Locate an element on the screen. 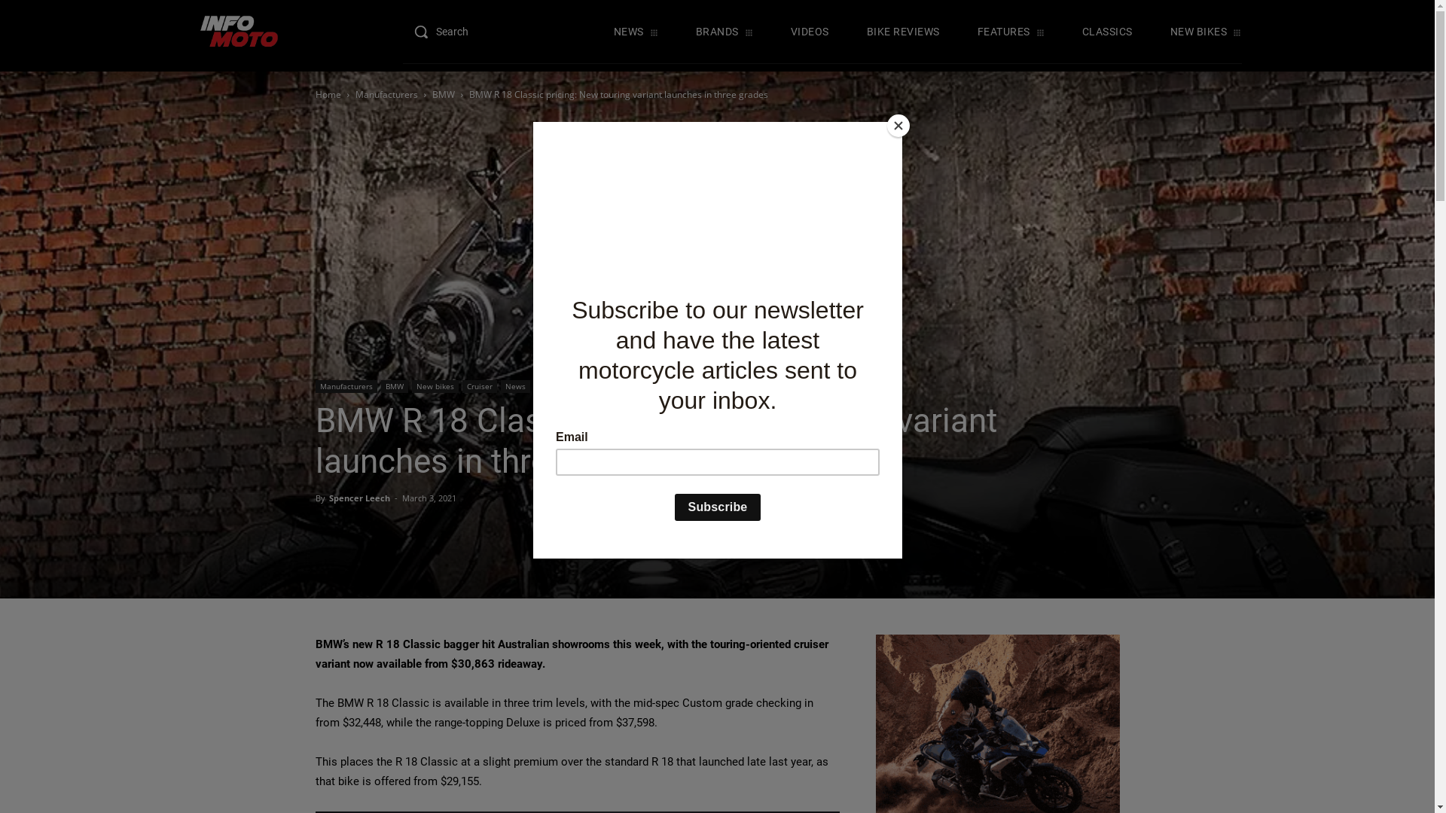  'Spencer Leech' is located at coordinates (358, 498).